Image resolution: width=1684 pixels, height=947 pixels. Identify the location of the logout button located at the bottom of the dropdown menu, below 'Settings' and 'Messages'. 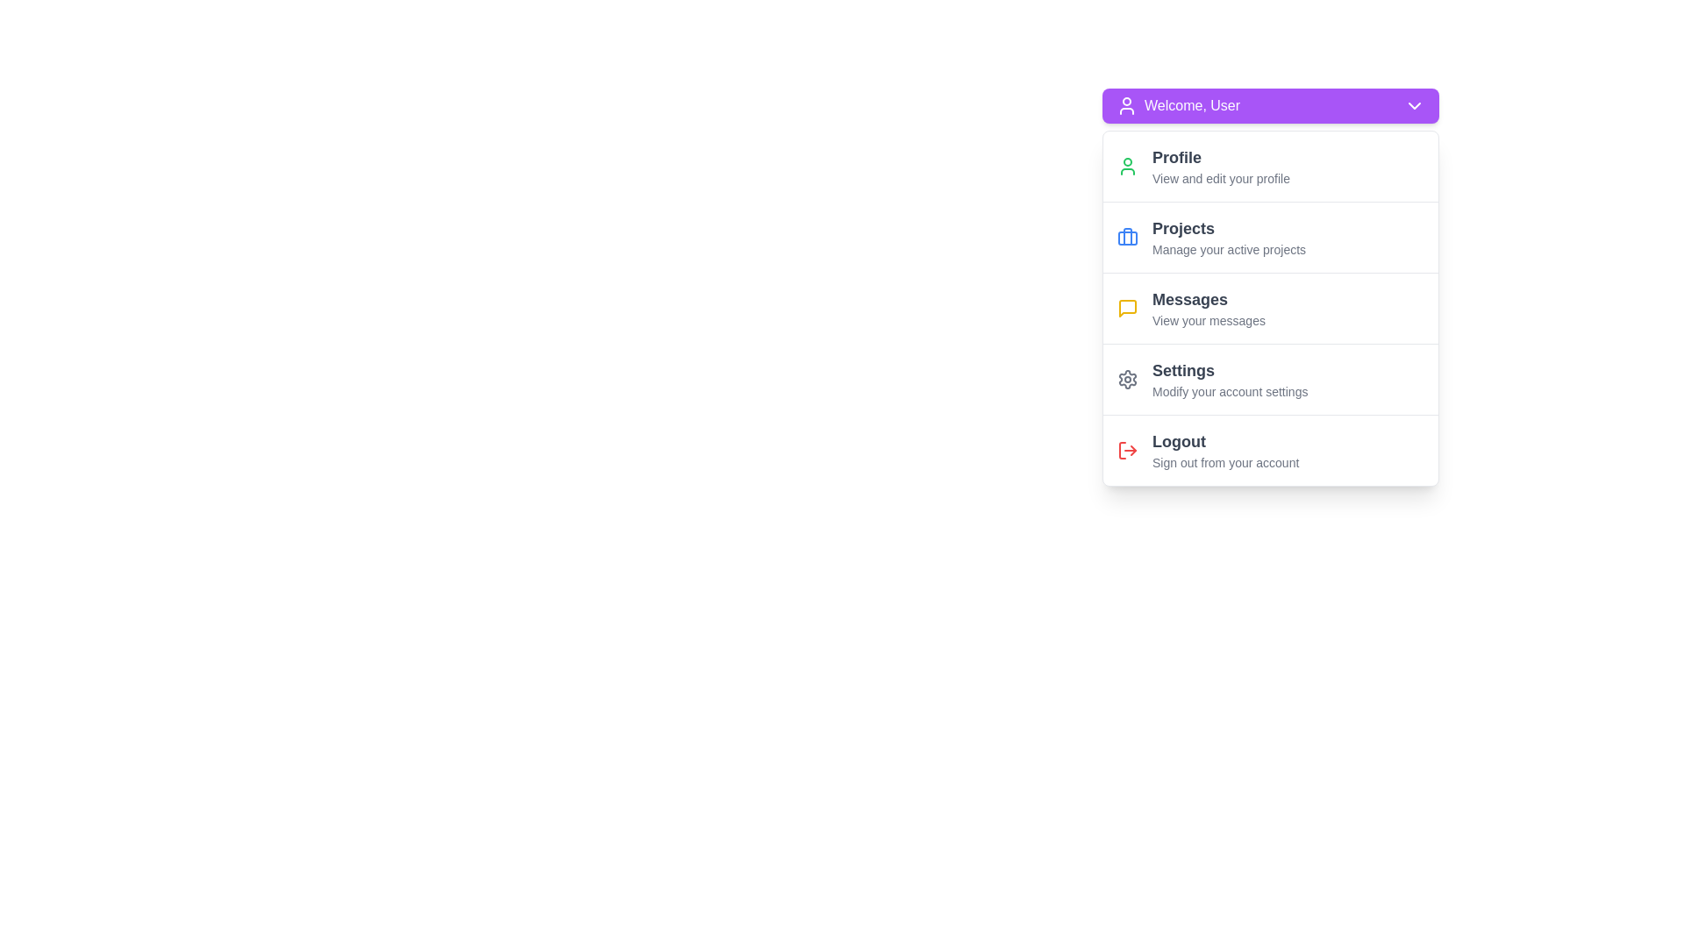
(1271, 449).